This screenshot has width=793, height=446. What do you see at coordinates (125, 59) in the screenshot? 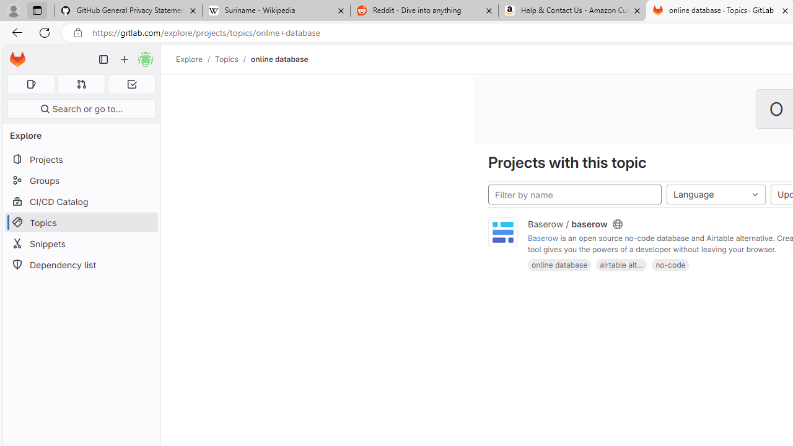
I see `'Create new...'` at bounding box center [125, 59].